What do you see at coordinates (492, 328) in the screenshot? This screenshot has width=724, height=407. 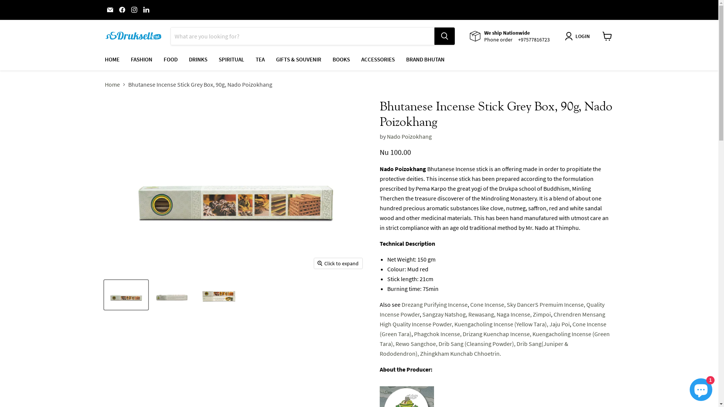 I see `'Cone Incense (Green Tara)'` at bounding box center [492, 328].